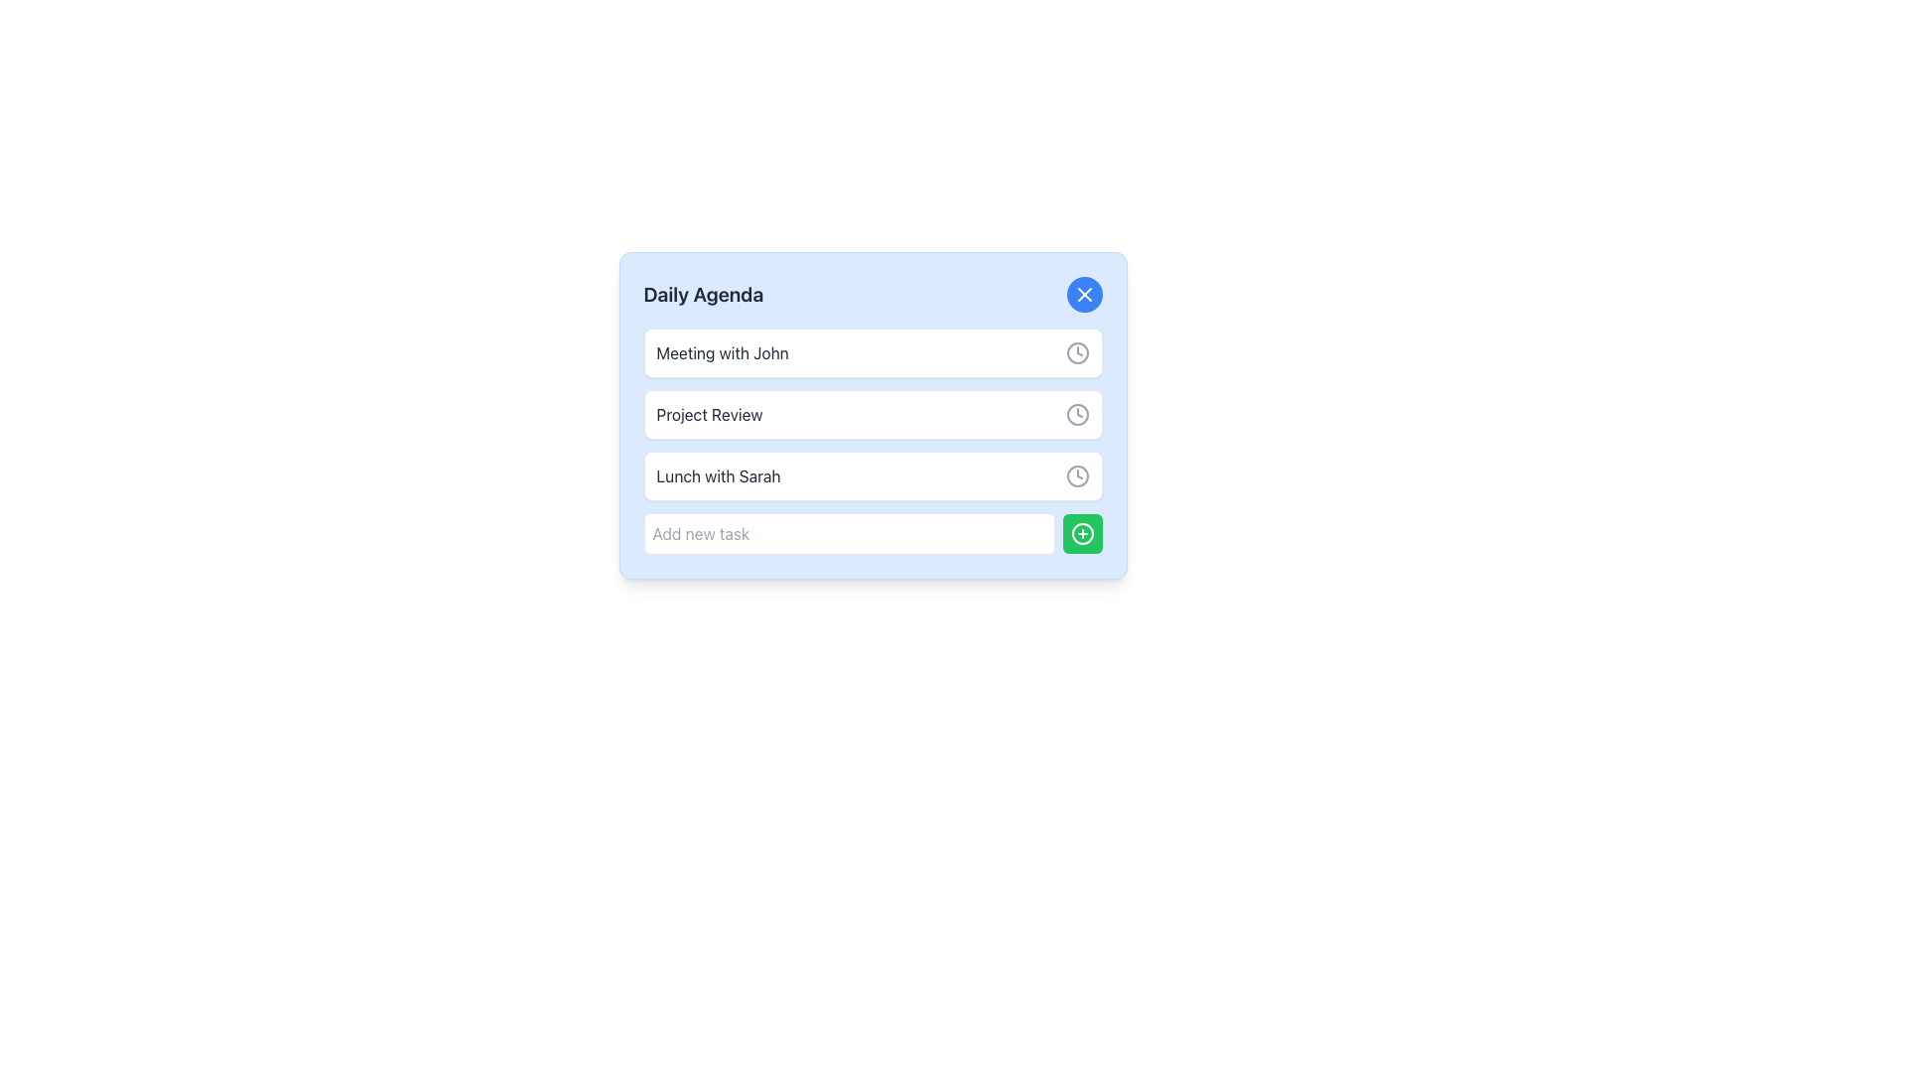 The image size is (1906, 1072). Describe the element at coordinates (1076, 351) in the screenshot. I see `the SVG circle element styled as part of a clock icon, located next to the 'Meeting with John' task in the light blue agenda interface` at that location.